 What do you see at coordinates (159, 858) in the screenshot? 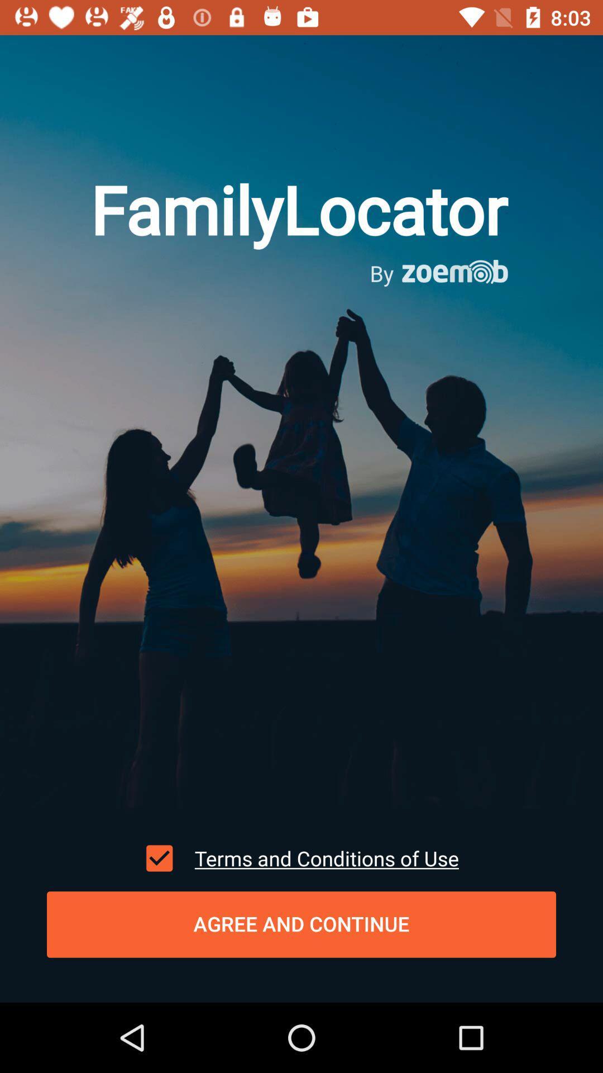
I see `icon next to the terms and conditions icon` at bounding box center [159, 858].